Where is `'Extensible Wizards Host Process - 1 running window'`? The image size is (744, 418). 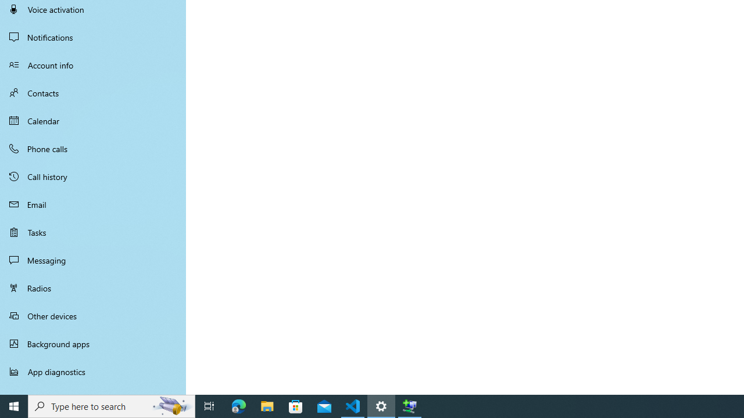 'Extensible Wizards Host Process - 1 running window' is located at coordinates (410, 405).